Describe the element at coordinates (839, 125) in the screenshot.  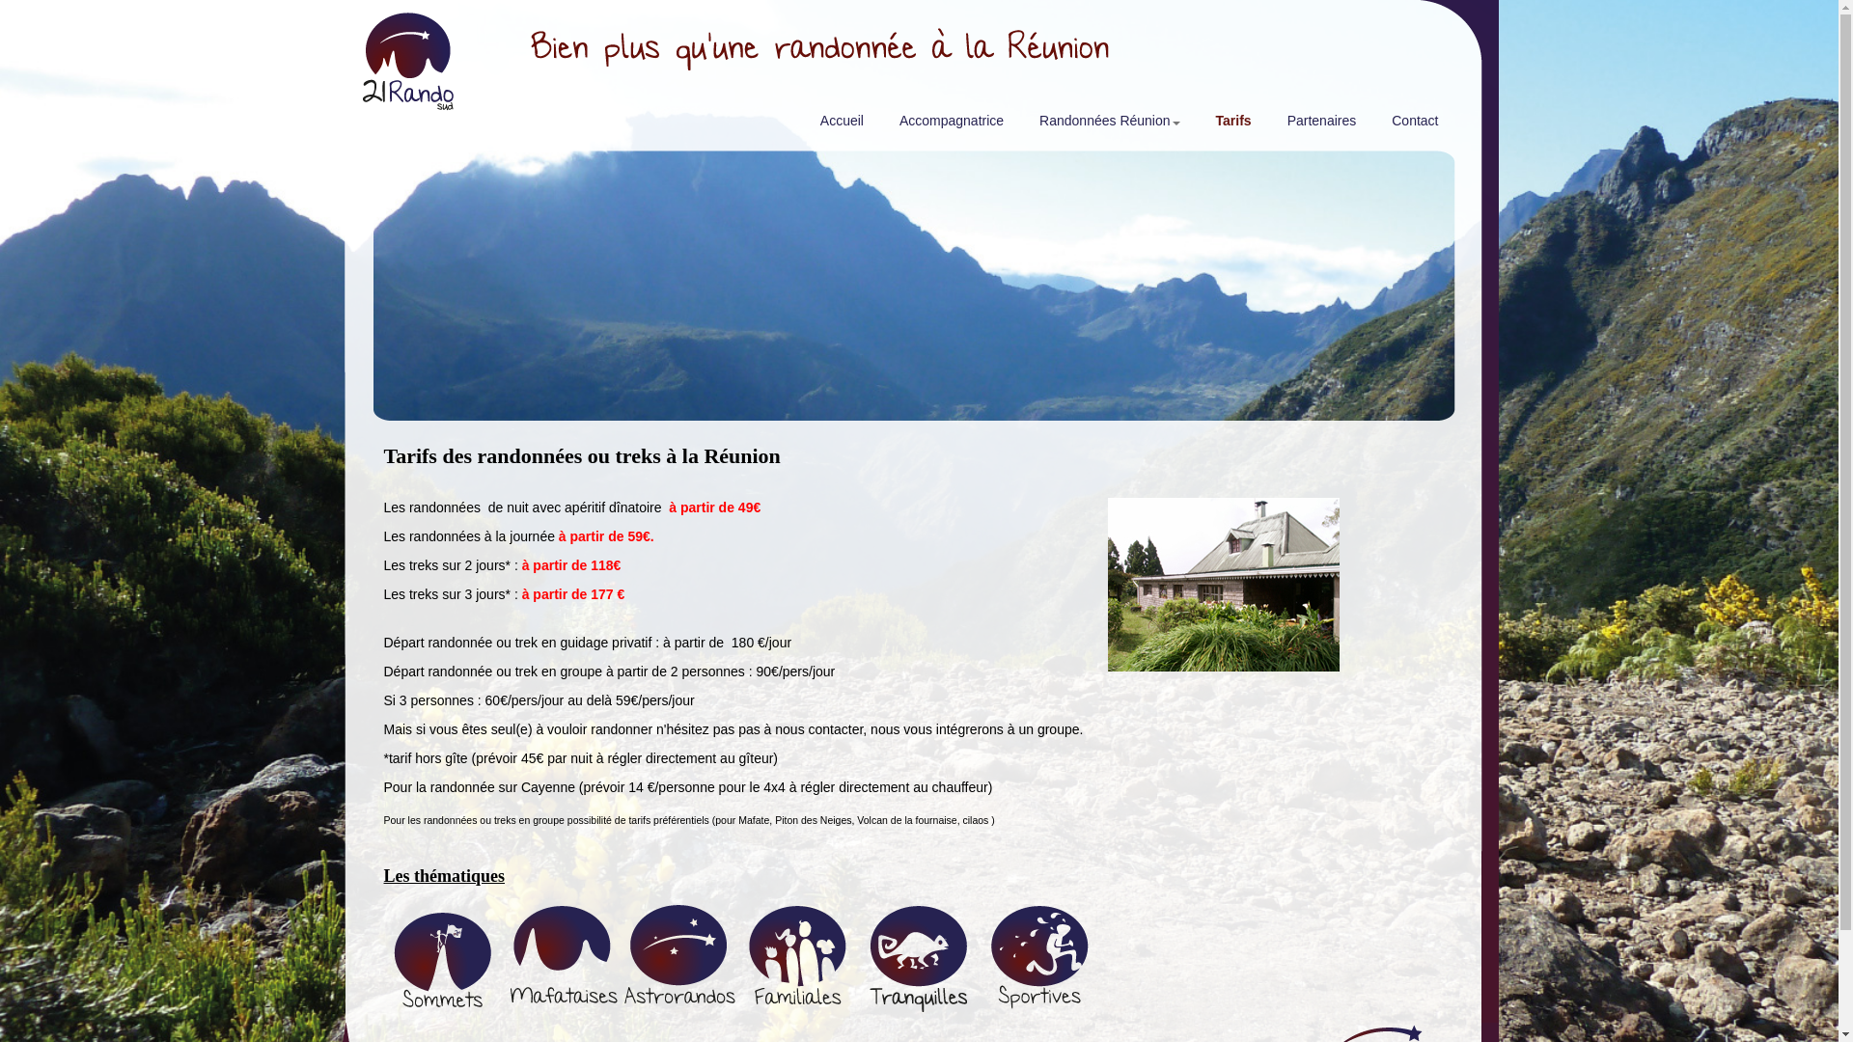
I see `'Accueil'` at that location.